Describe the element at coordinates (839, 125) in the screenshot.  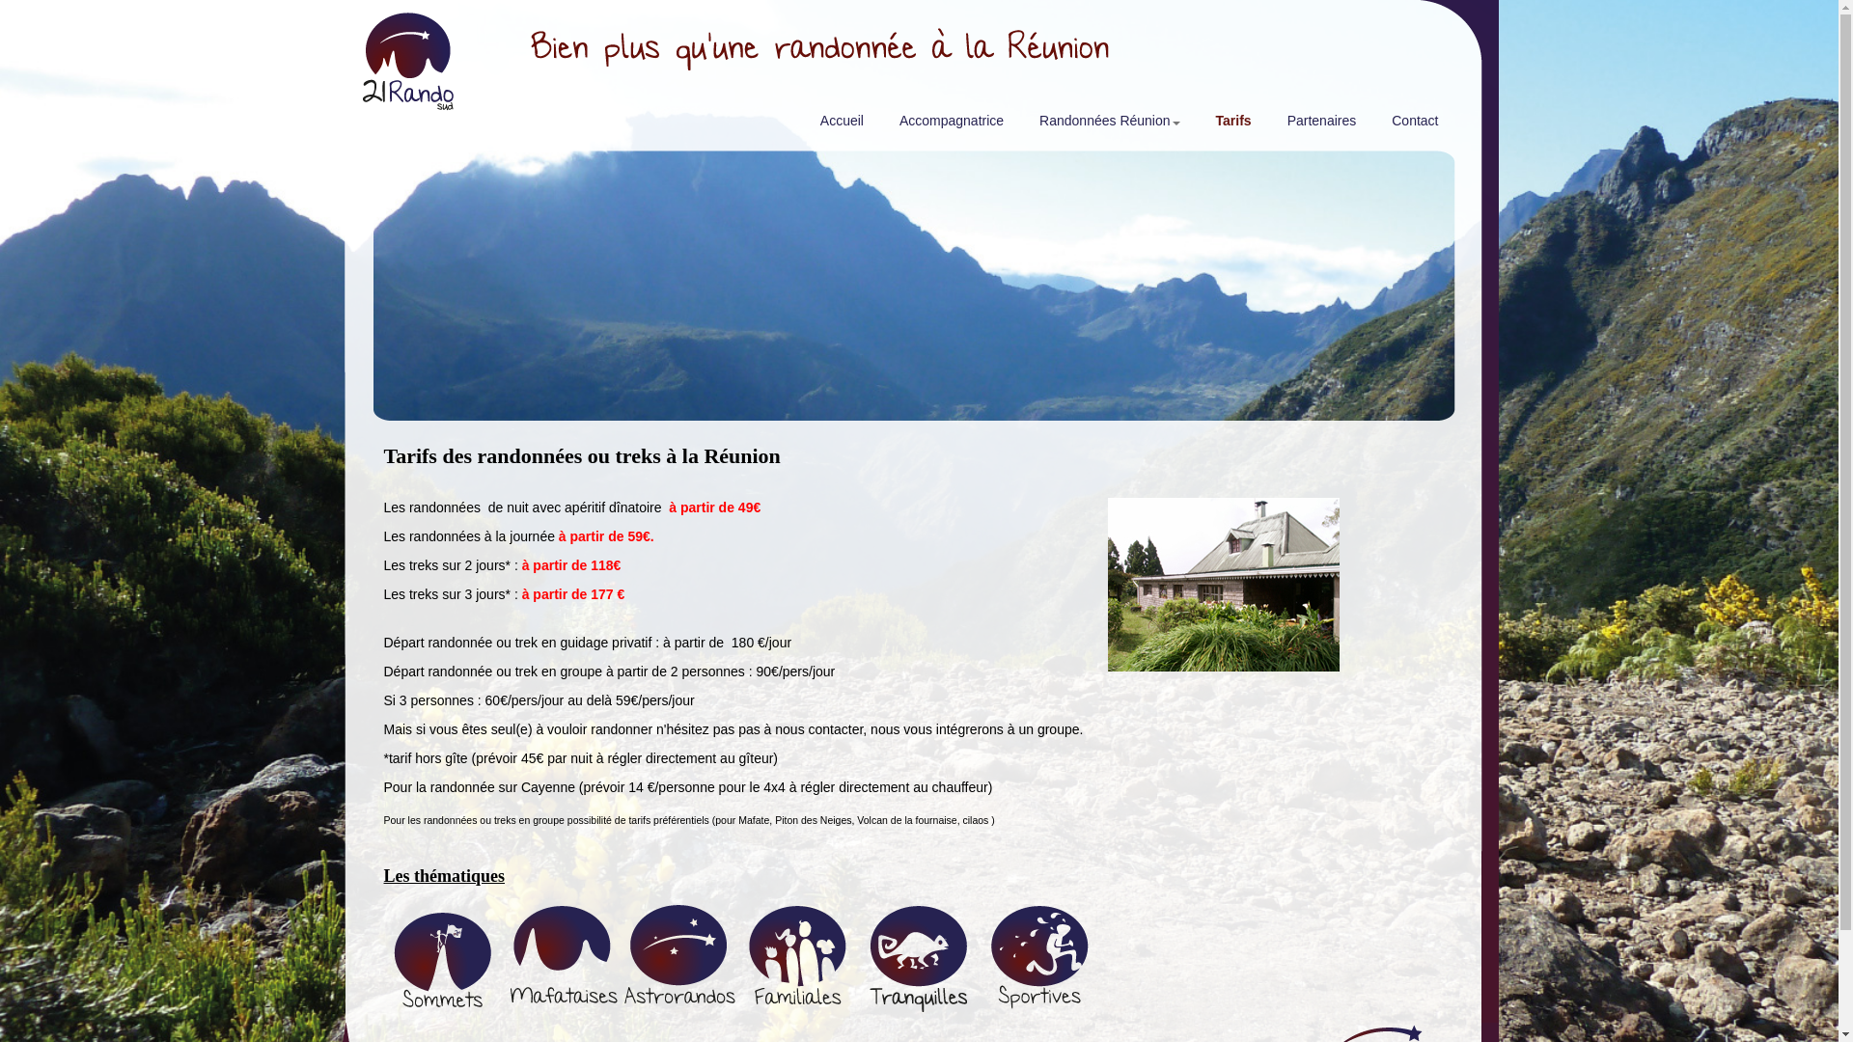
I see `'Accueil'` at that location.